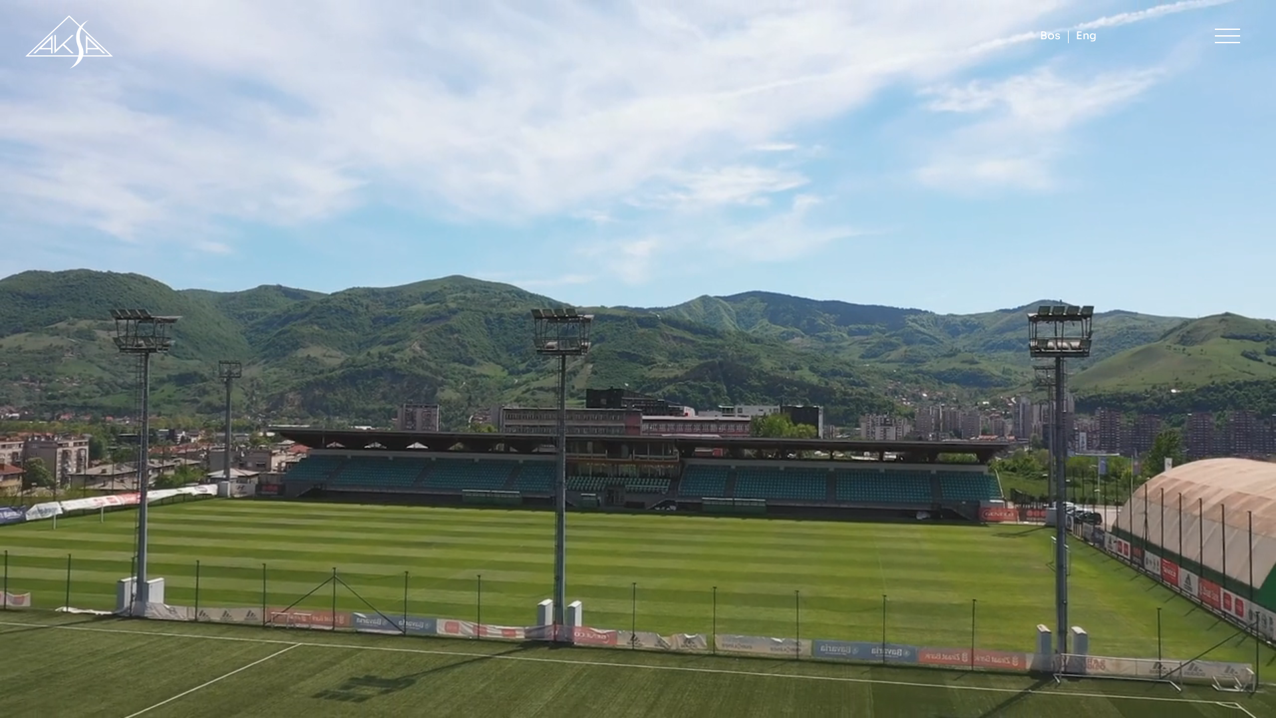 This screenshot has height=718, width=1276. What do you see at coordinates (1039, 36) in the screenshot?
I see `'Bos'` at bounding box center [1039, 36].